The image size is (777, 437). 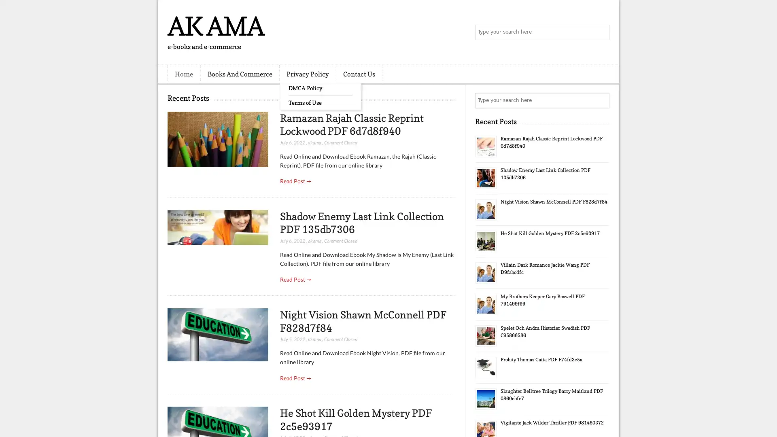 I want to click on Search, so click(x=601, y=32).